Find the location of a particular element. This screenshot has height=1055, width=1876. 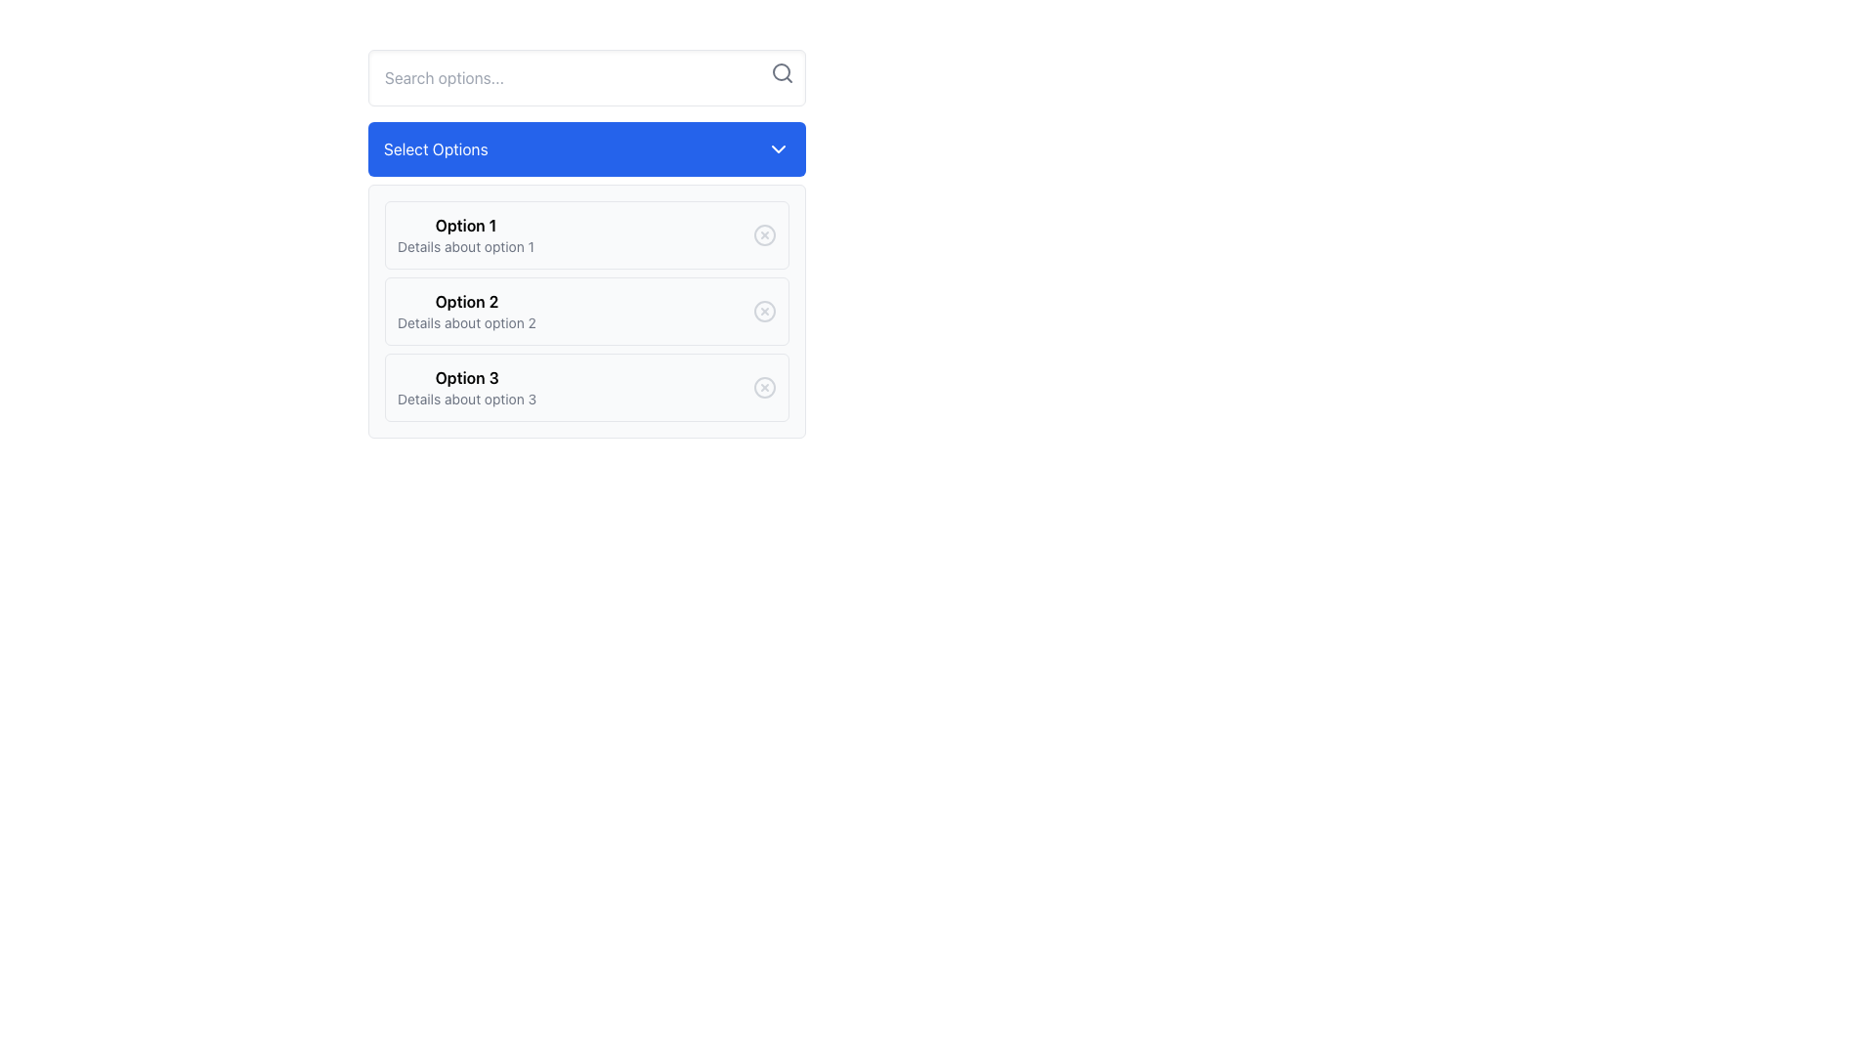

the vector graphic element (circle) associated with 'Option 3' in the dropdown menu is located at coordinates (763, 388).